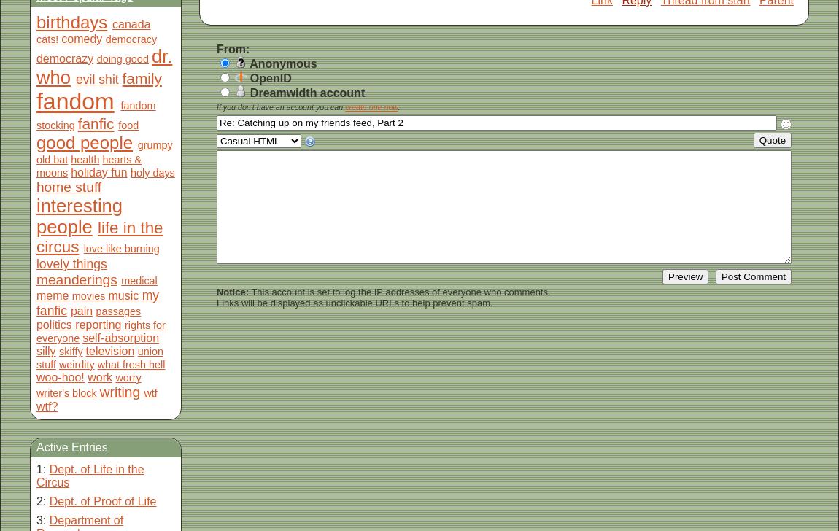  Describe the element at coordinates (216, 106) in the screenshot. I see `'If you don't have an account you can'` at that location.